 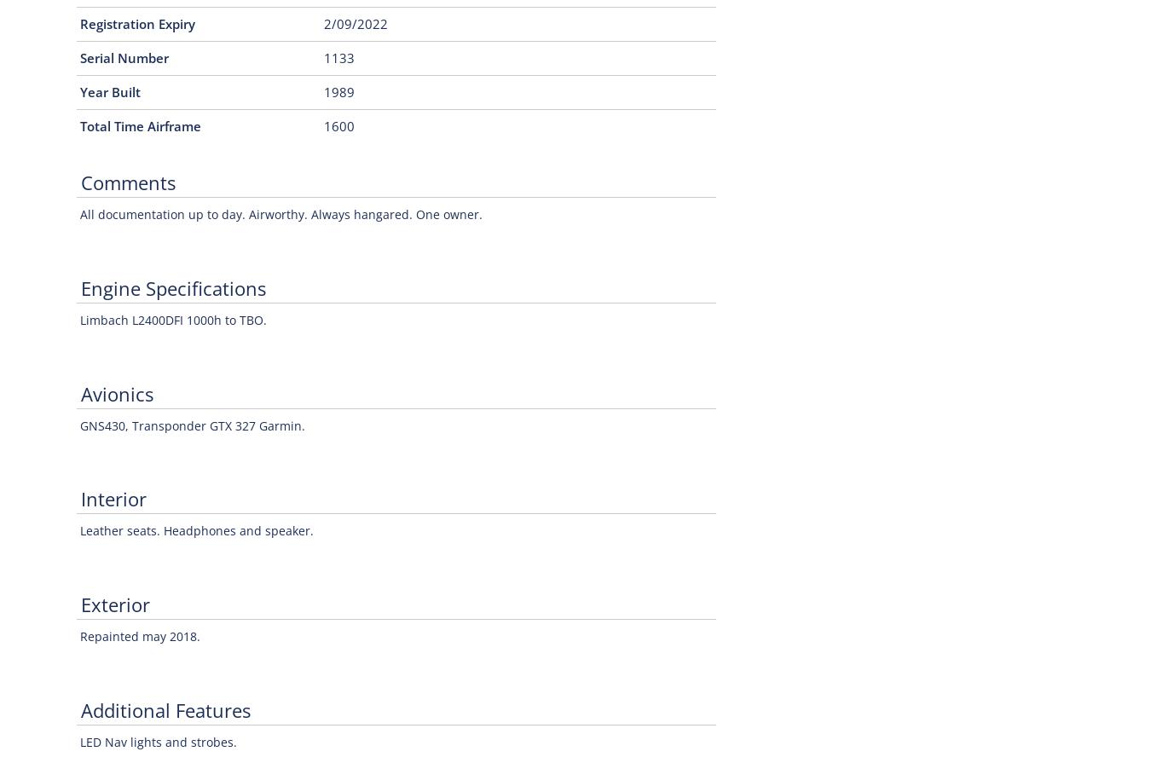 What do you see at coordinates (140, 635) in the screenshot?
I see `'Repainted may 2018.'` at bounding box center [140, 635].